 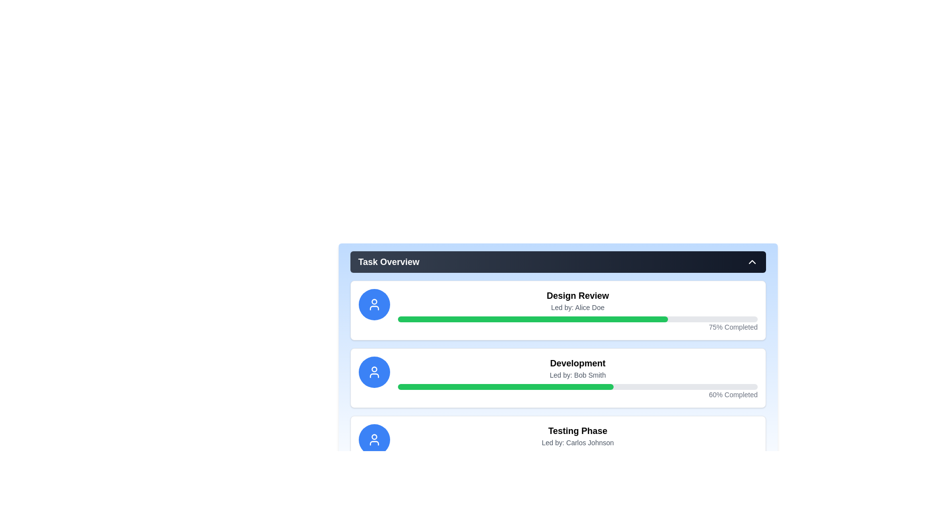 I want to click on task details displayed in the task overview dashboard, which includes tasks such as 'Design Review,' 'Development,' and 'Testing Phase.', so click(x=558, y=363).